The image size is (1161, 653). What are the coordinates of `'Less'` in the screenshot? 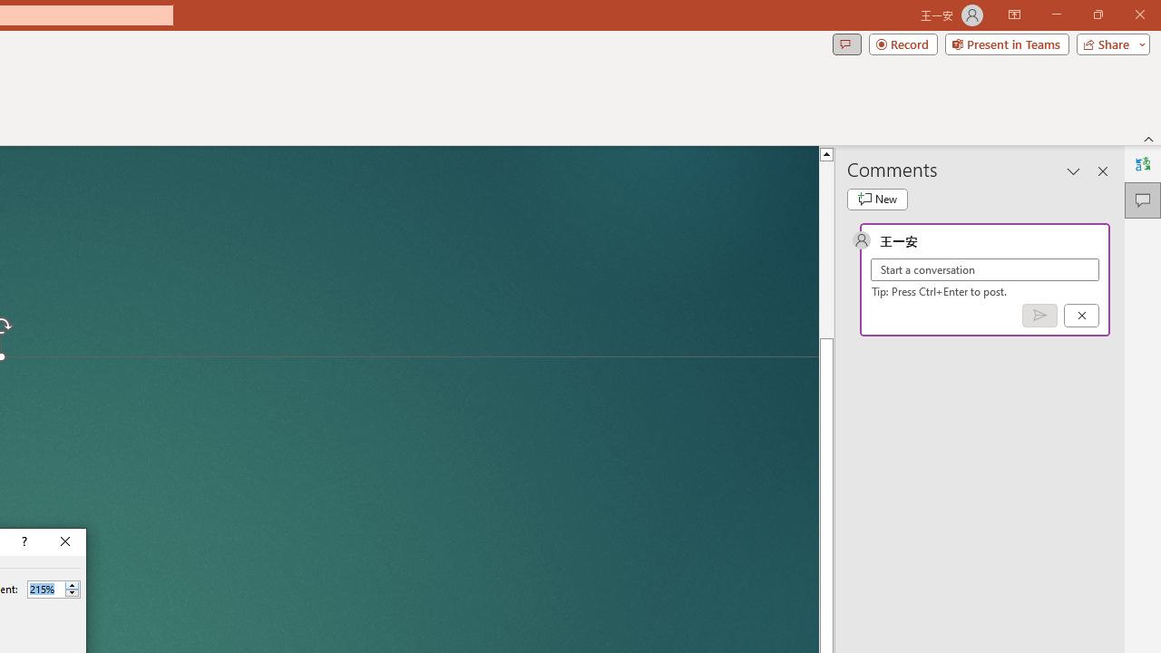 It's located at (72, 593).